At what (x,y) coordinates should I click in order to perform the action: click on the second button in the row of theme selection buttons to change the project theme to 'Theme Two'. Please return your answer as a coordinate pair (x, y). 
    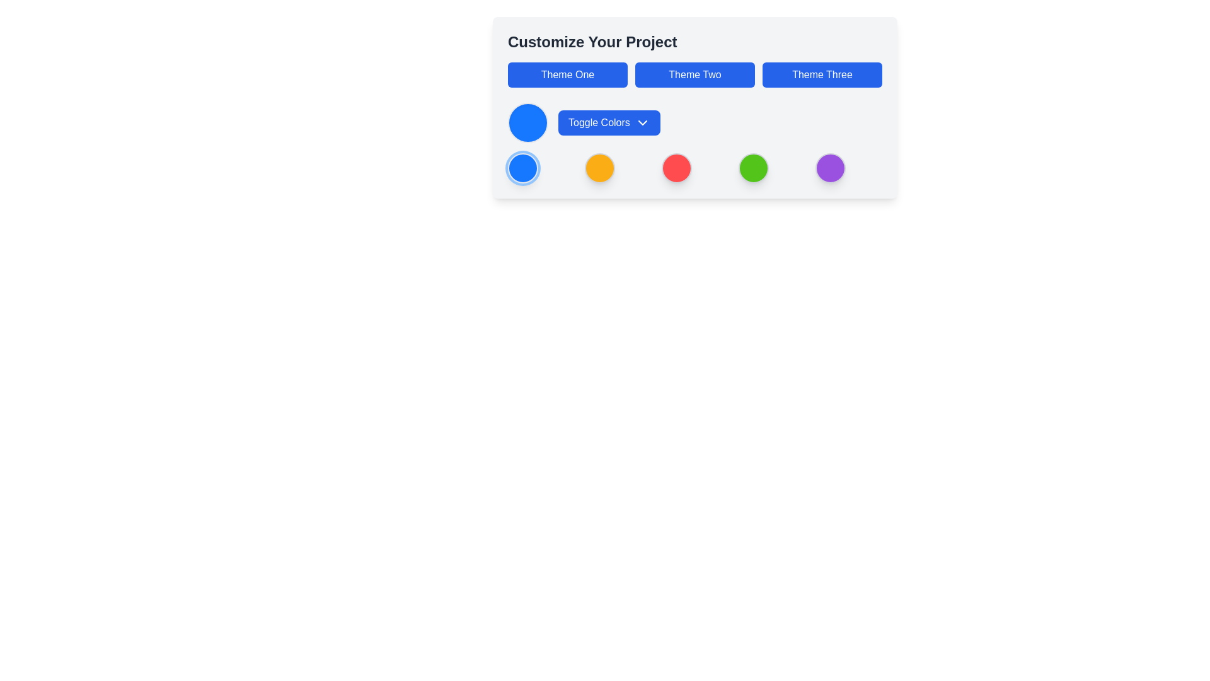
    Looking at the image, I should click on (694, 75).